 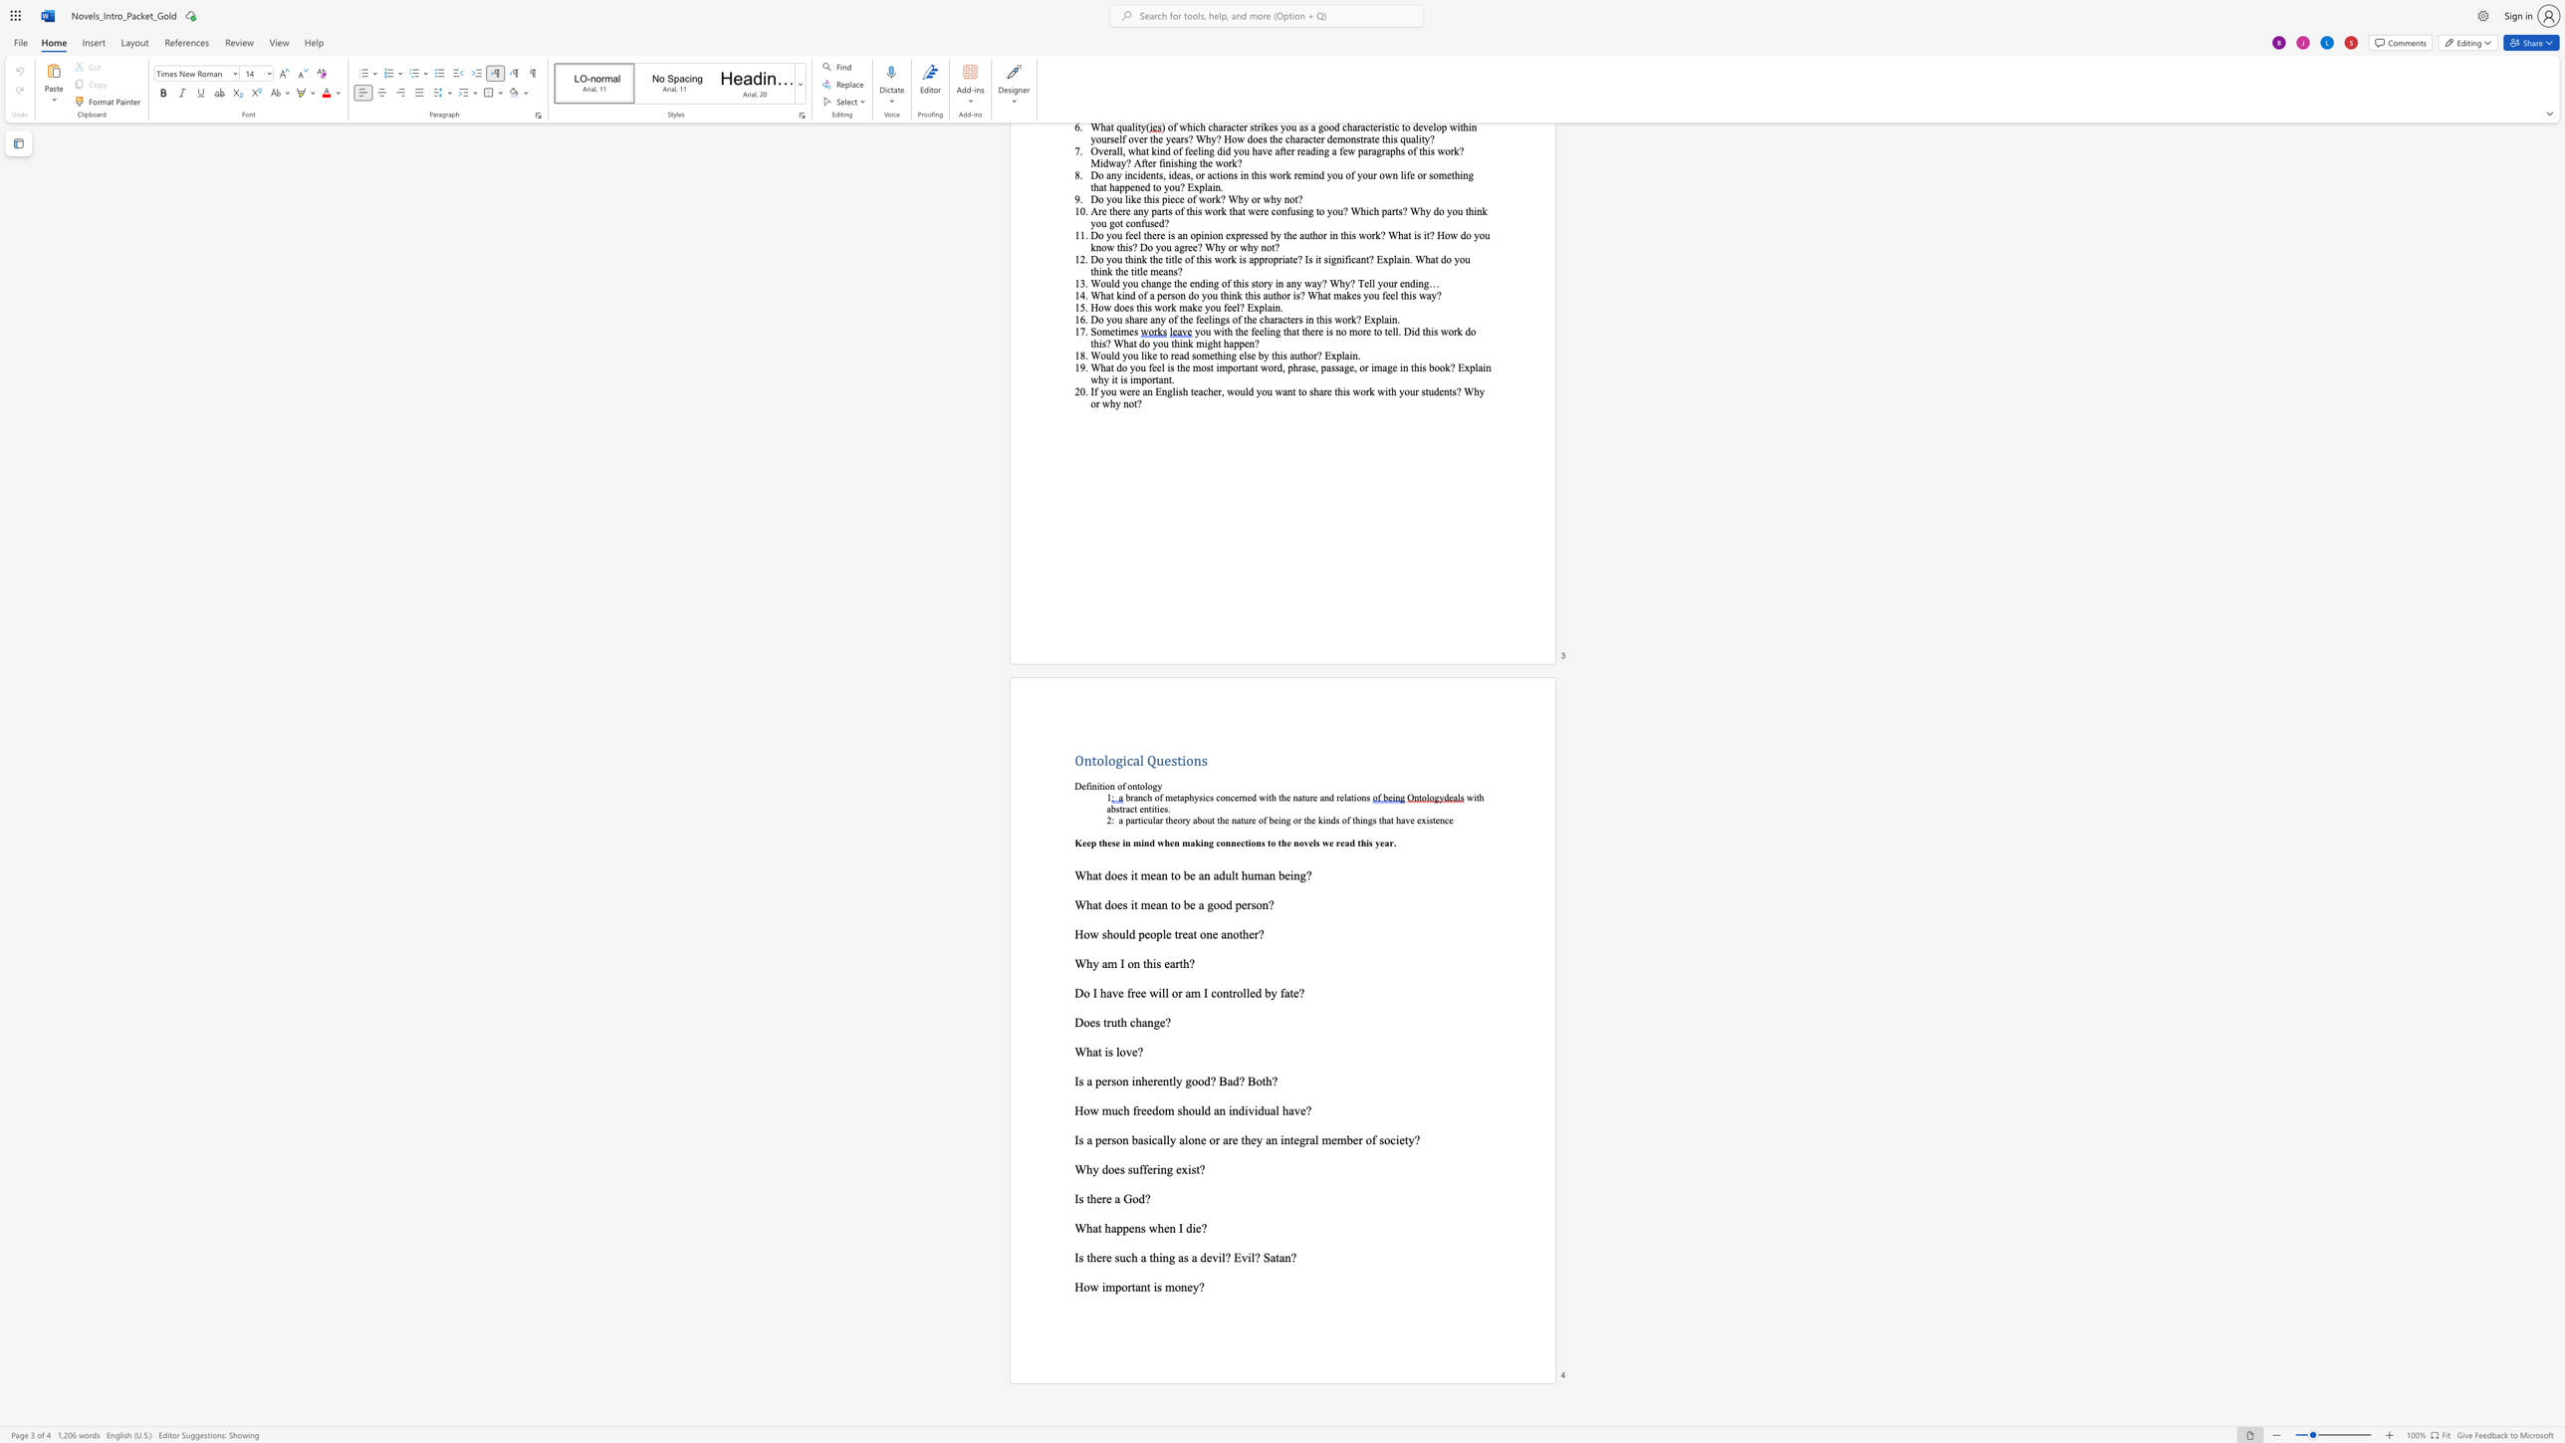 I want to click on the 1th character "g" in the text, so click(x=1168, y=1169).